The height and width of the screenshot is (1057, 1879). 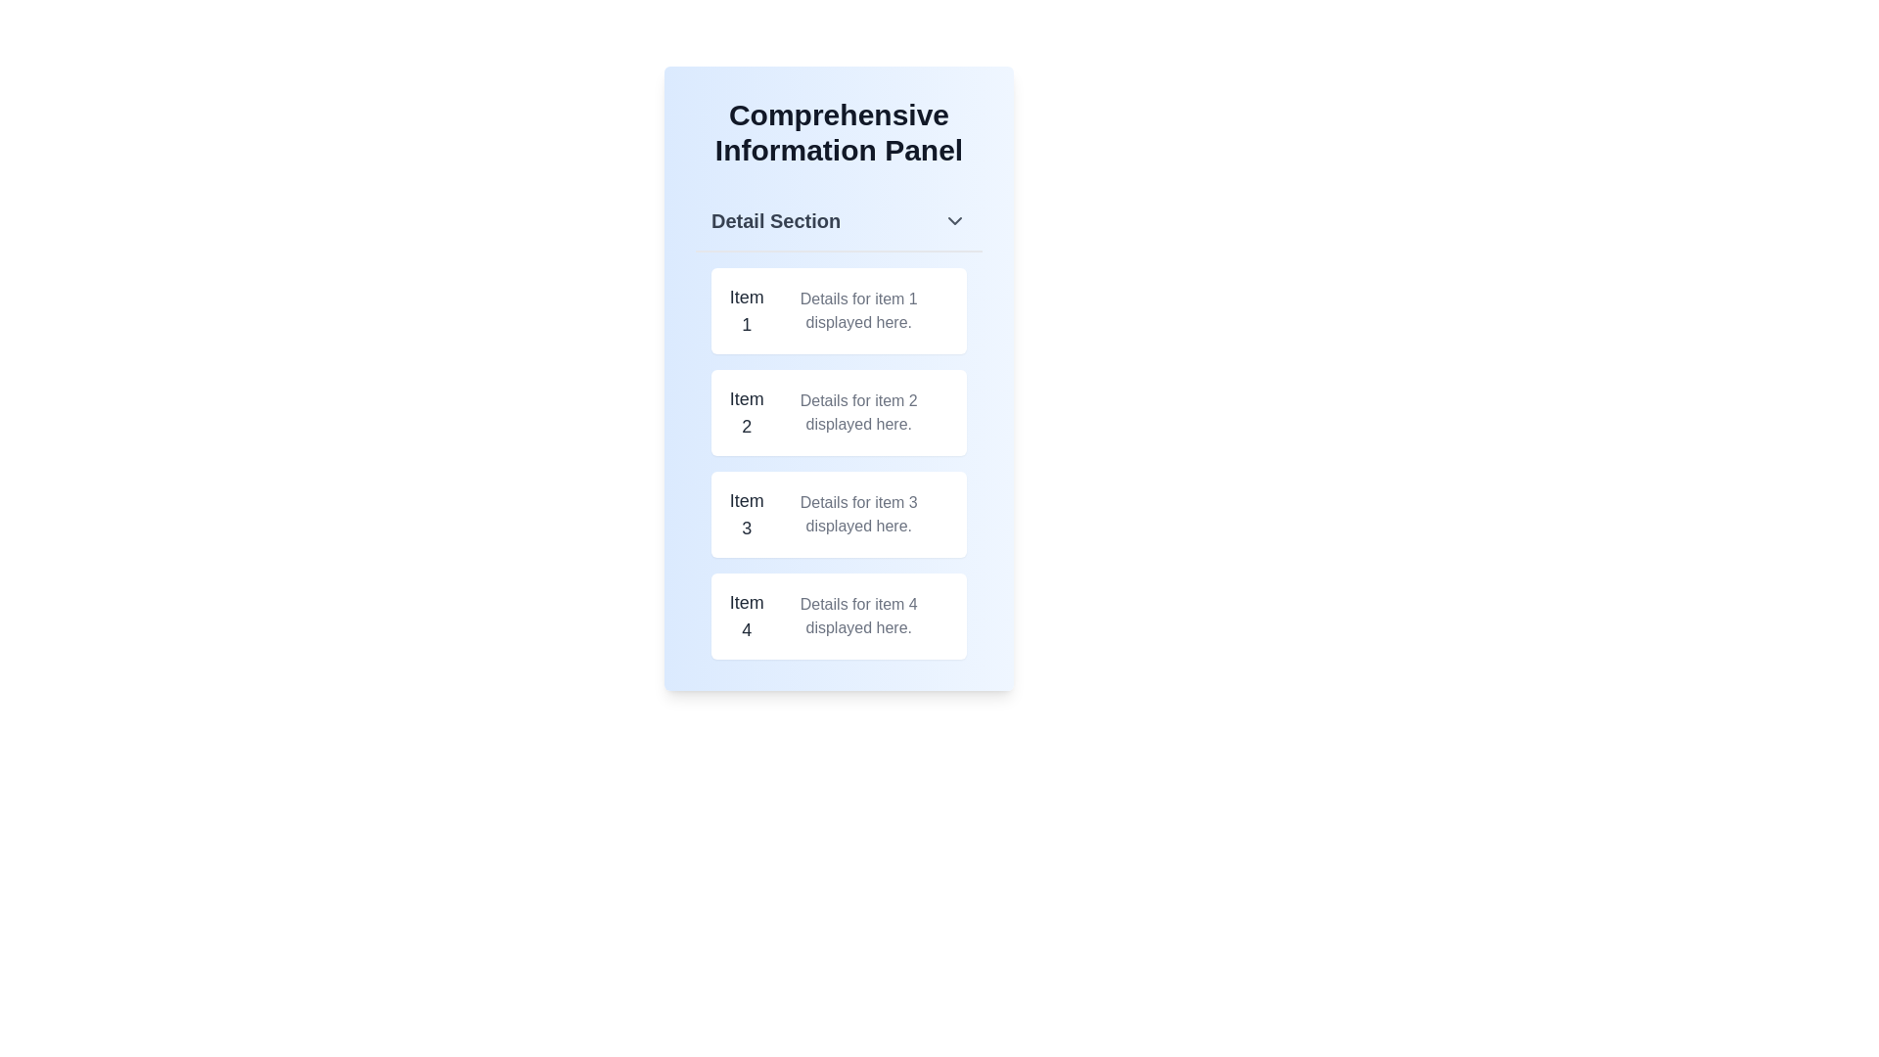 I want to click on the information display item for 'Item 2' in the Comprehensive Information Panel to make a selection, so click(x=839, y=411).